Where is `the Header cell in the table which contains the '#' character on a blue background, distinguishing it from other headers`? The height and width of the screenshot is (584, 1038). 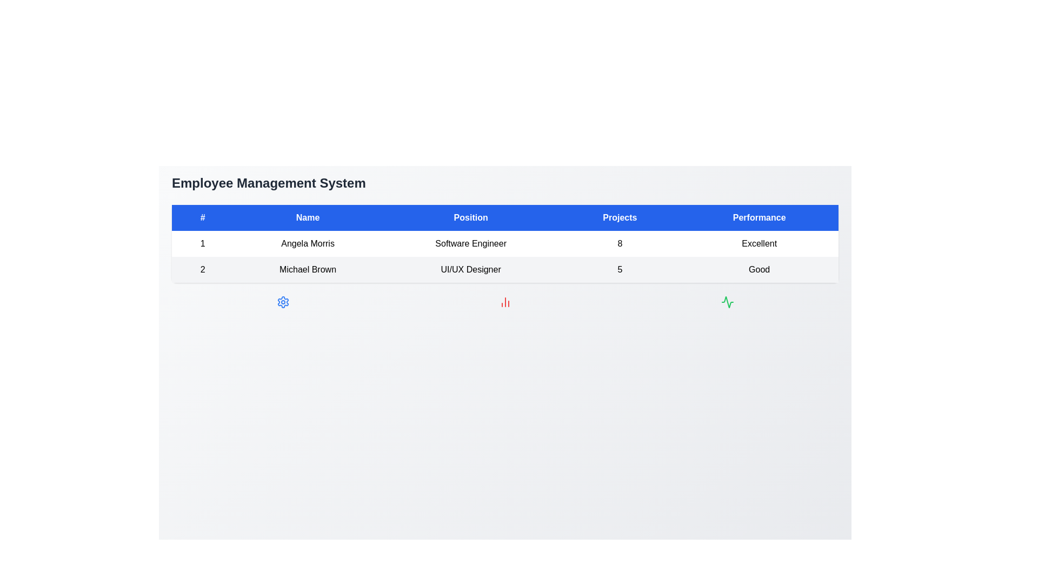 the Header cell in the table which contains the '#' character on a blue background, distinguishing it from other headers is located at coordinates (203, 217).